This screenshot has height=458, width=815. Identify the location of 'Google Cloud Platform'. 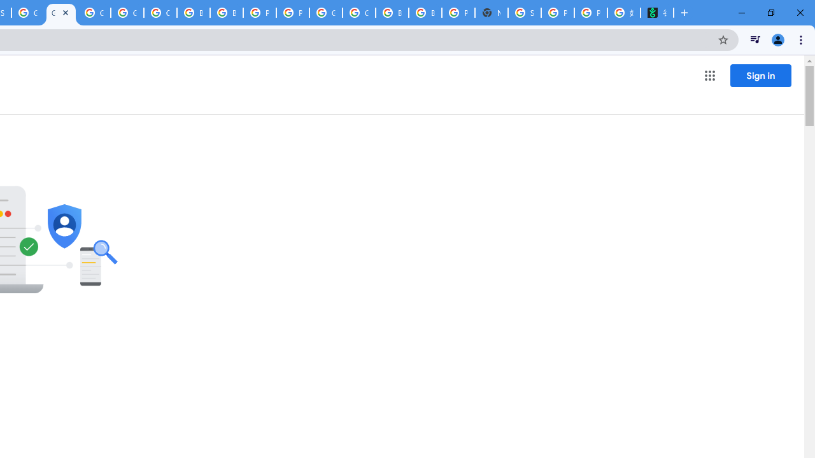
(326, 13).